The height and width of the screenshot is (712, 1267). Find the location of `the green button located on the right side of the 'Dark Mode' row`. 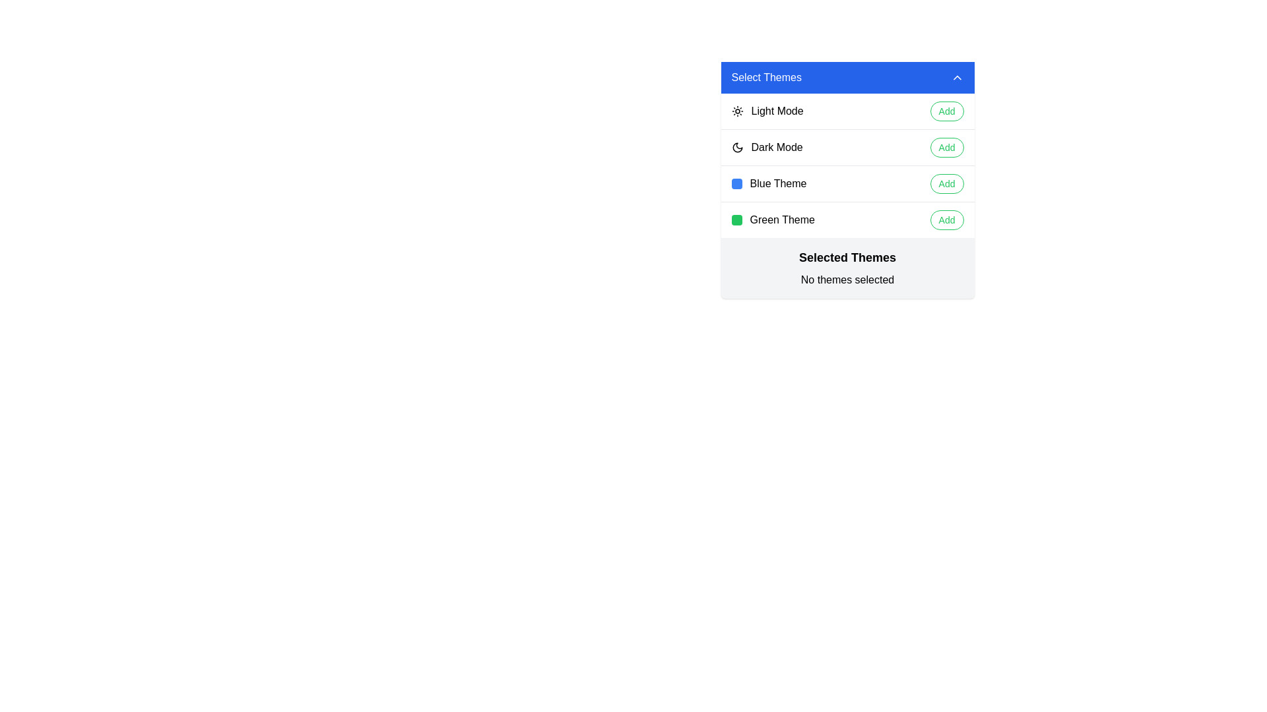

the green button located on the right side of the 'Dark Mode' row is located at coordinates (946, 147).